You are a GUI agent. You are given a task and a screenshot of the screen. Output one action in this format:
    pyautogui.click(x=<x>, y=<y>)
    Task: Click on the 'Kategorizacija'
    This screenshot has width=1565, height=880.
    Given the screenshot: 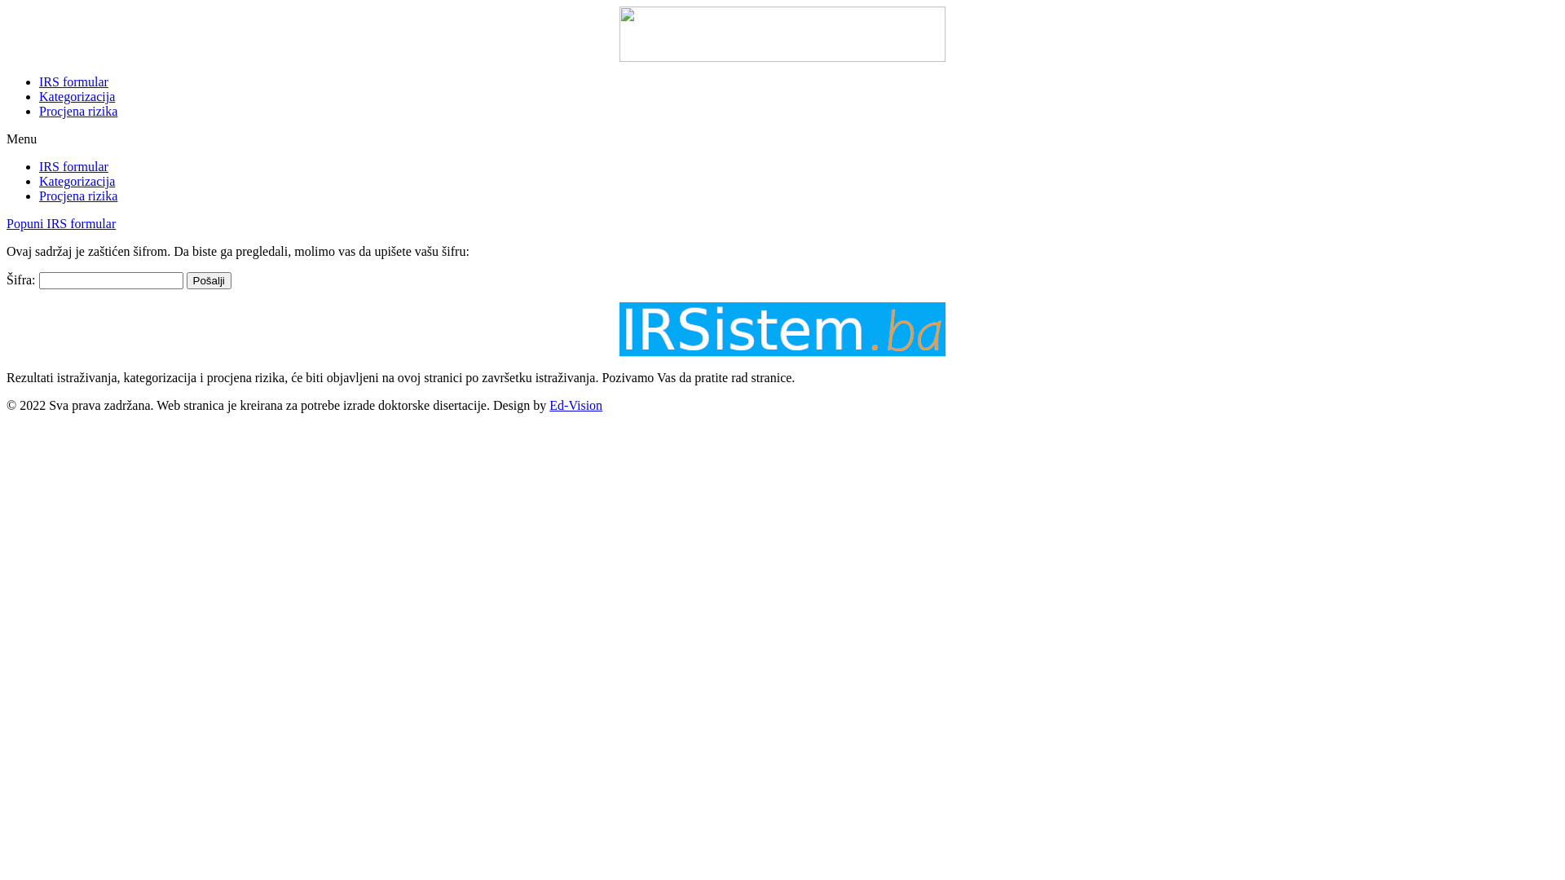 What is the action you would take?
    pyautogui.click(x=39, y=181)
    